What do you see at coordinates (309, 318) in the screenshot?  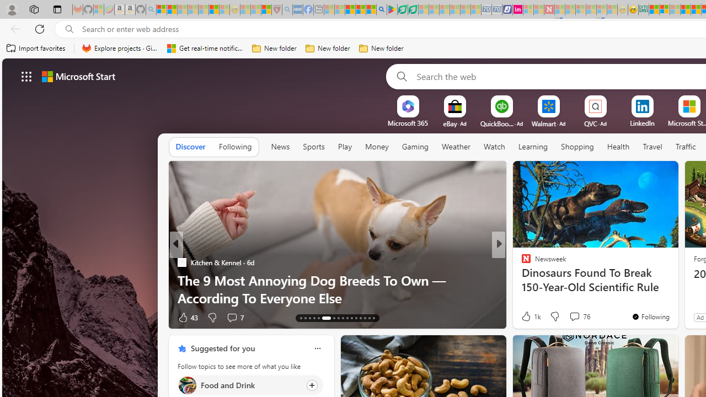 I see `'AutomationID: tab-15'` at bounding box center [309, 318].